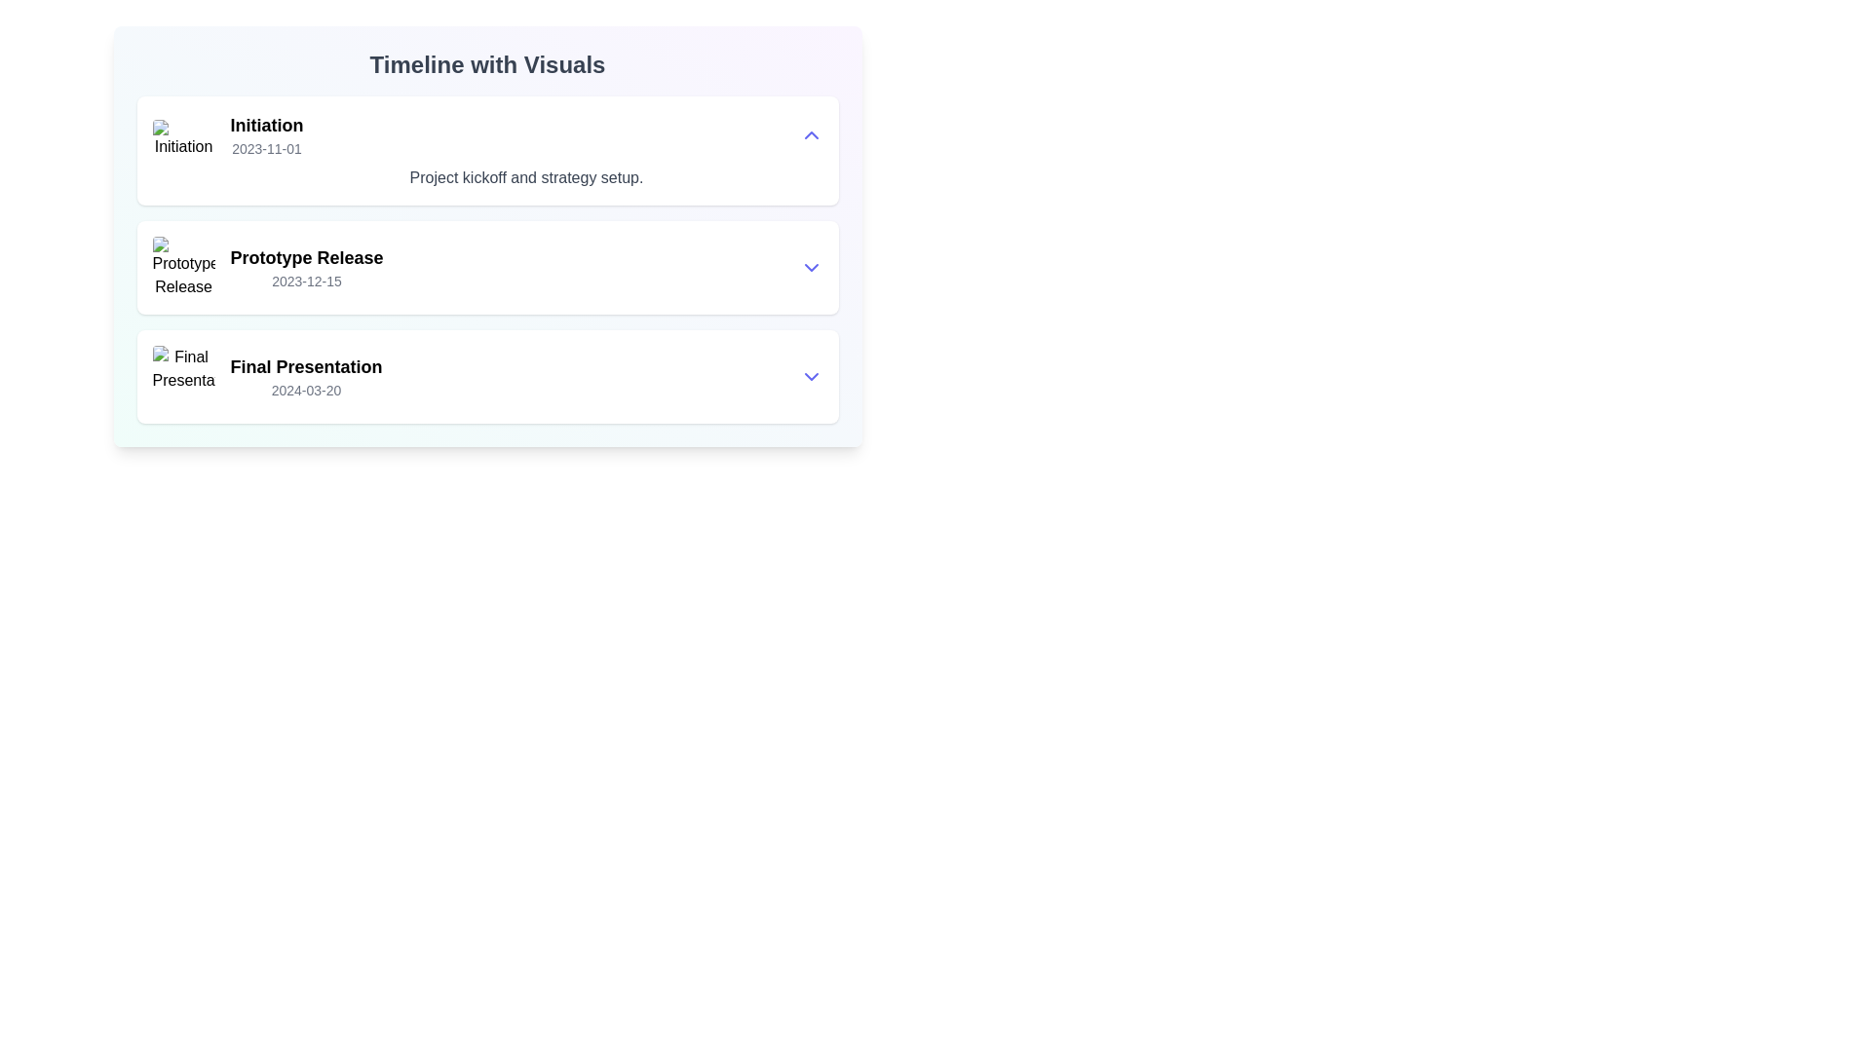 Image resolution: width=1871 pixels, height=1052 pixels. I want to click on the title text of the last event entry in the vertical timeline layout, located above the date labeled '2024-03-20', so click(305, 367).